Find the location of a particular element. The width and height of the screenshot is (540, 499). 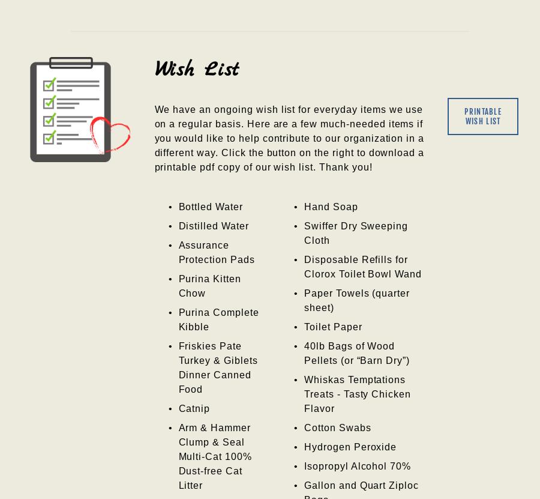

'40lb Bags of Wood Pellets (or “Barn Dry”)' is located at coordinates (302, 353).